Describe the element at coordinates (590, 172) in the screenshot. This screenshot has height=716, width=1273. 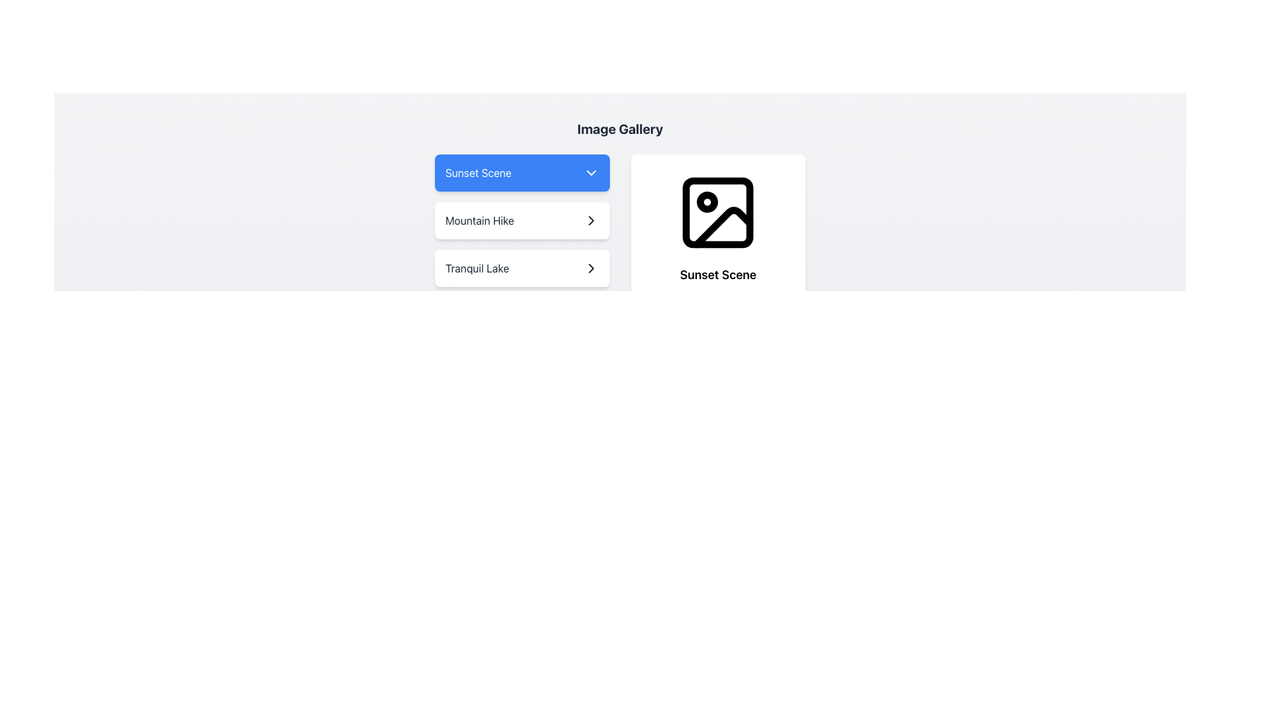
I see `the Dropdown indicator icon (chevron) located at the far right end of the 'Sunset Scene' button` at that location.